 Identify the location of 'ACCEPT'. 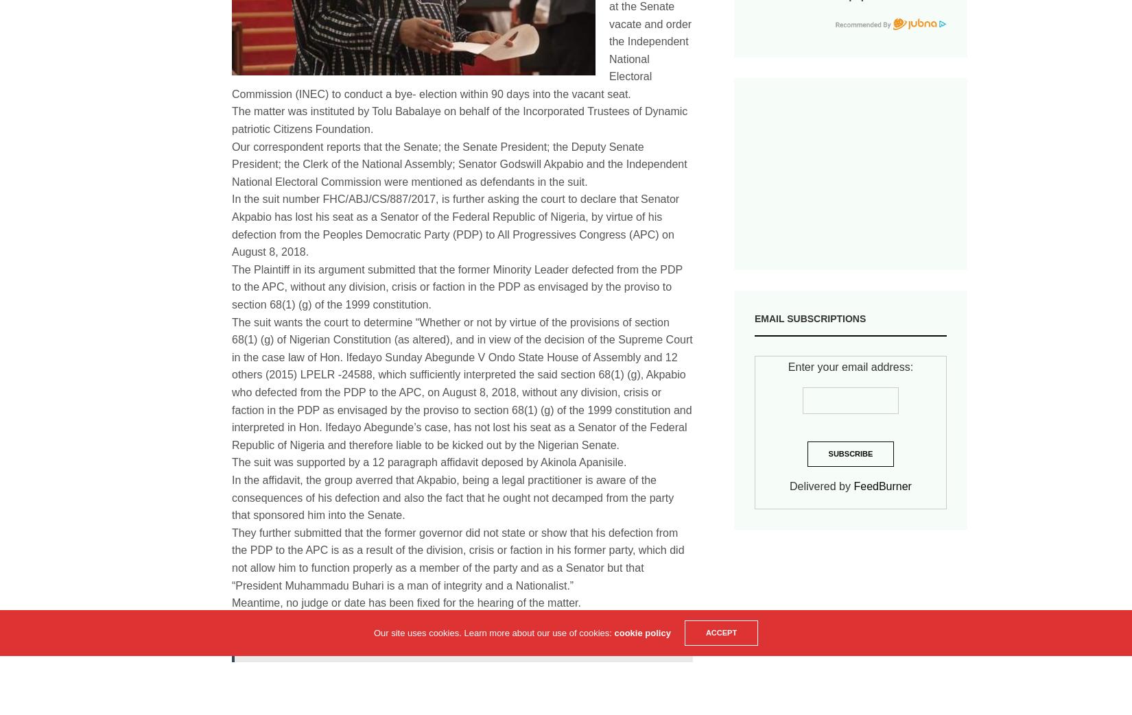
(705, 631).